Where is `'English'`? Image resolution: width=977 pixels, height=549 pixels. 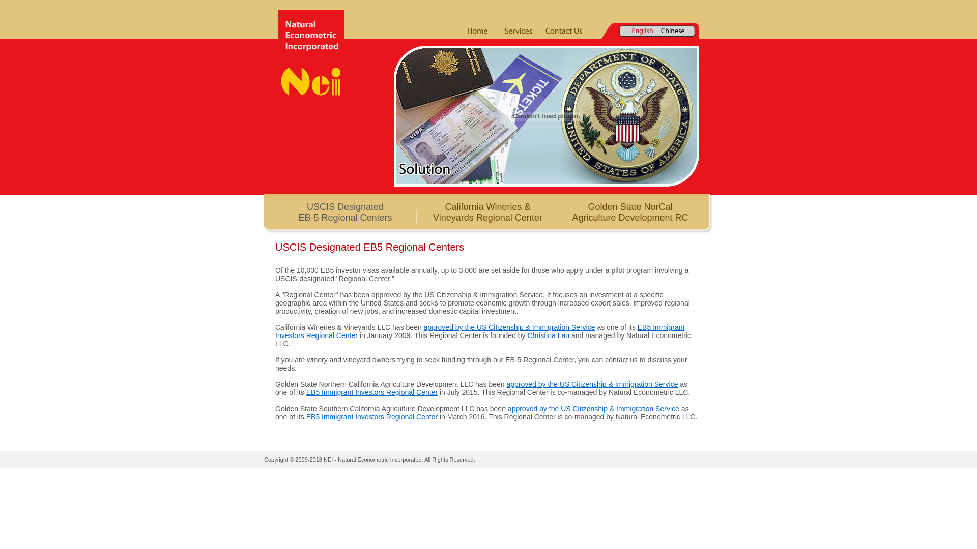
'English' is located at coordinates (642, 30).